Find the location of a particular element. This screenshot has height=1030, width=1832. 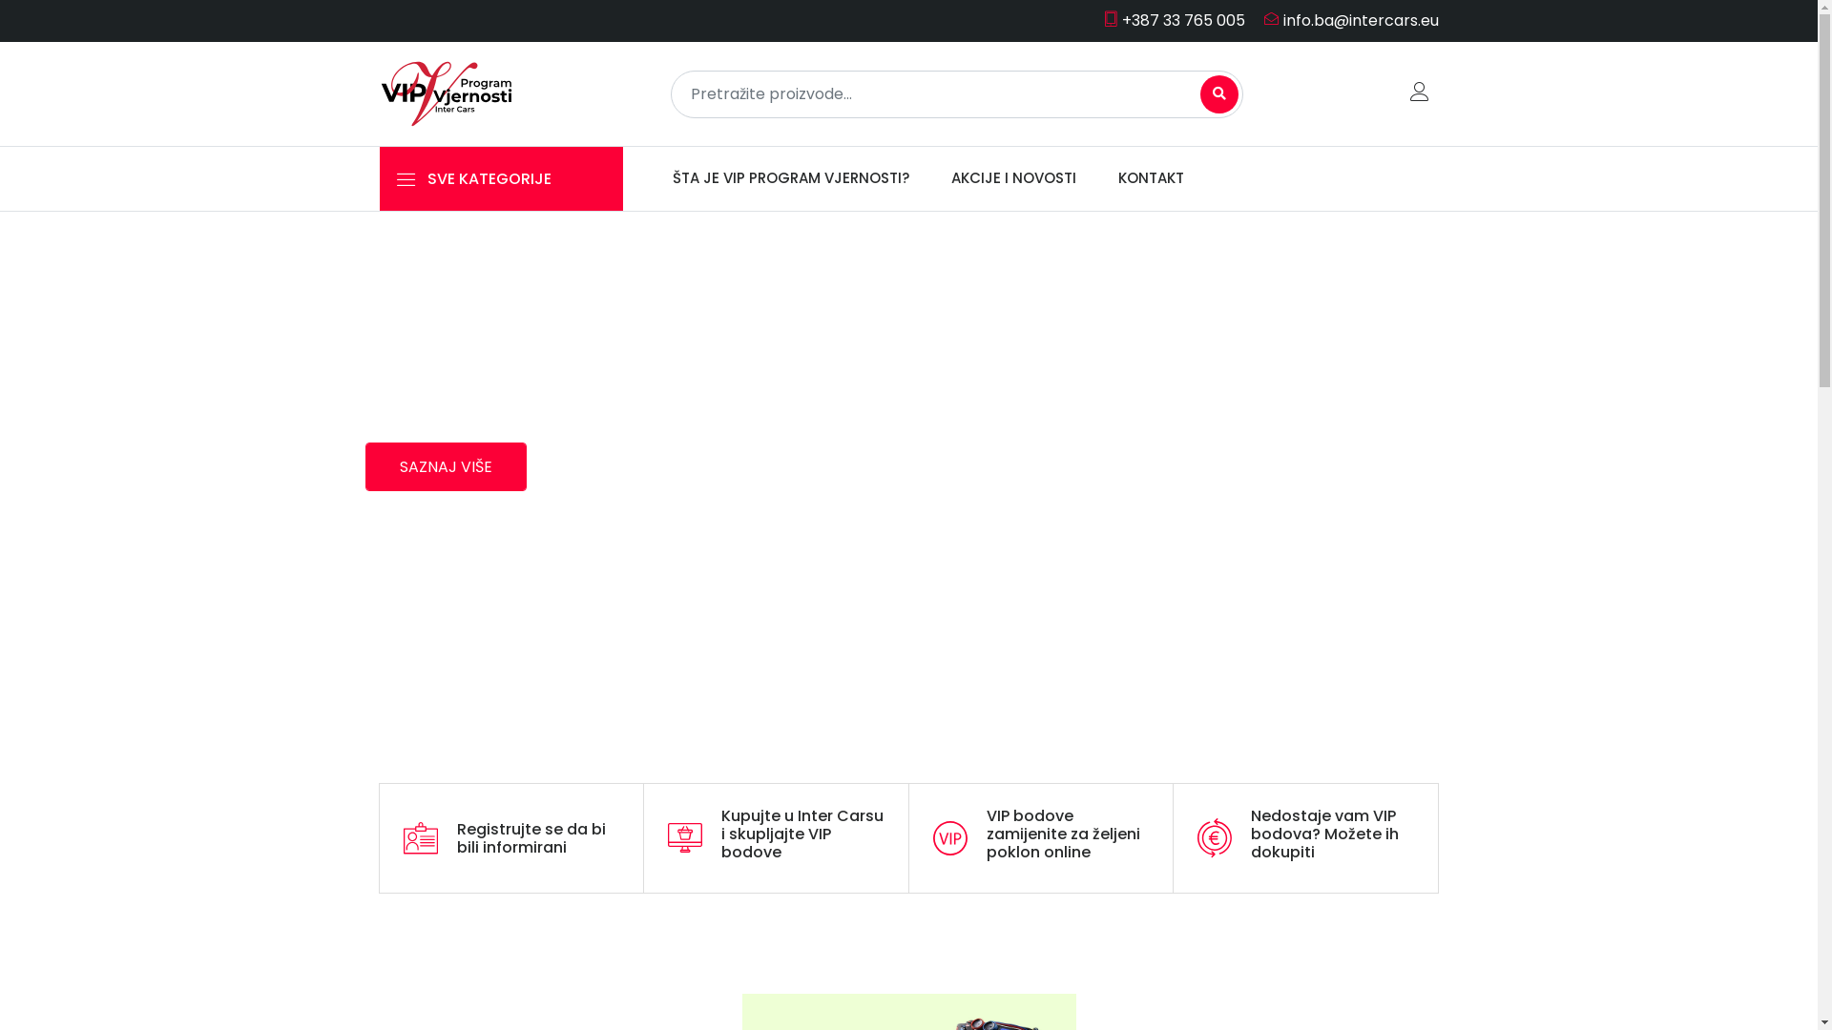

'info.ba@intercars.eu' is located at coordinates (1342, 20).